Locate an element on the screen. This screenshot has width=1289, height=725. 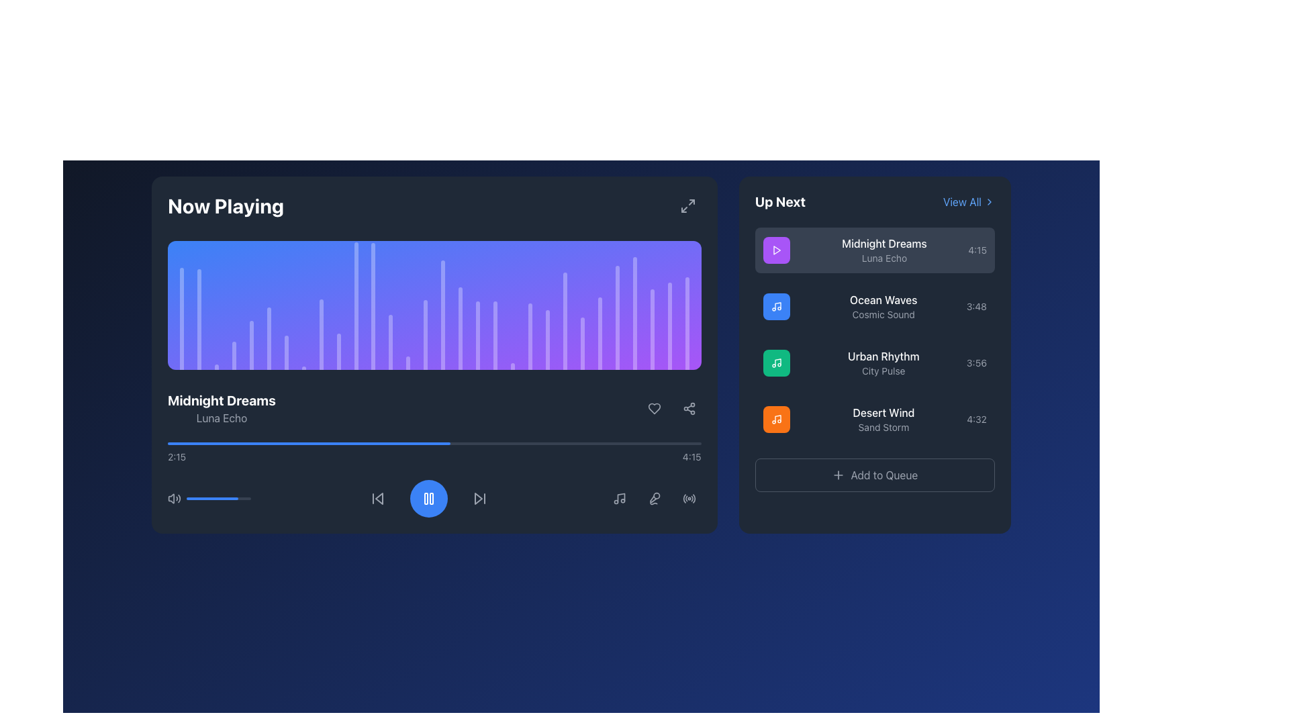
the progress bar located in the bottom-left portion of the music player interface, which visually represents the volume control and is situated to the right of the speaker icon is located at coordinates (219, 499).